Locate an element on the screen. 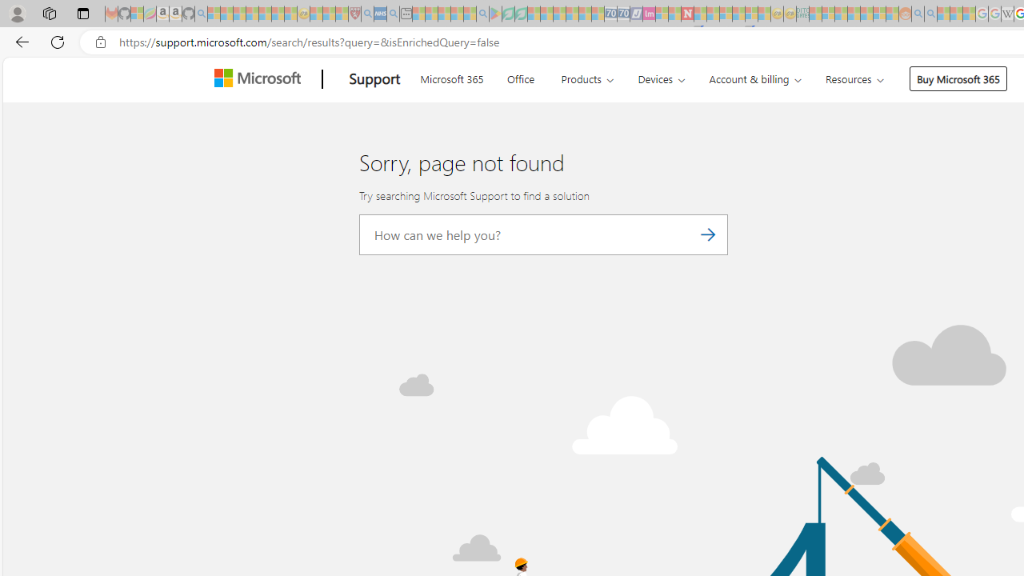 This screenshot has width=1024, height=576. 'Buy Microsoft 365' is located at coordinates (958, 78).